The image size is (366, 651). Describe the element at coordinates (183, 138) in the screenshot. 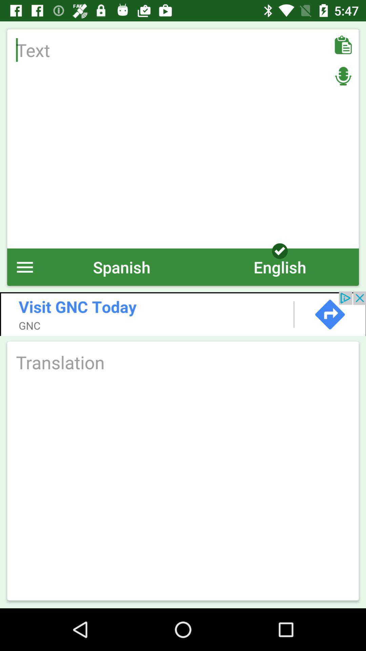

I see `type text` at that location.